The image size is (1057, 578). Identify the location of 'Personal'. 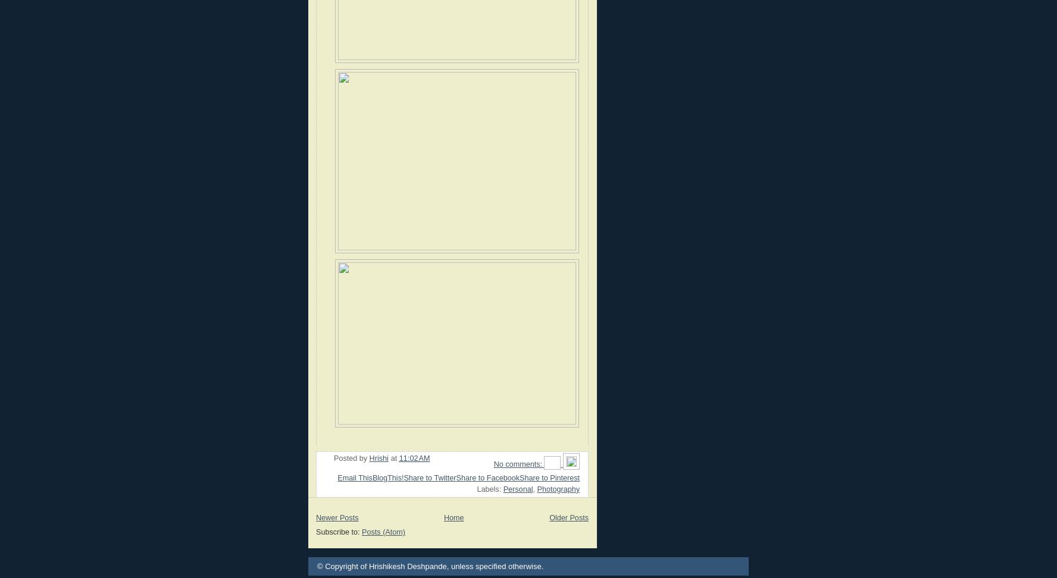
(518, 488).